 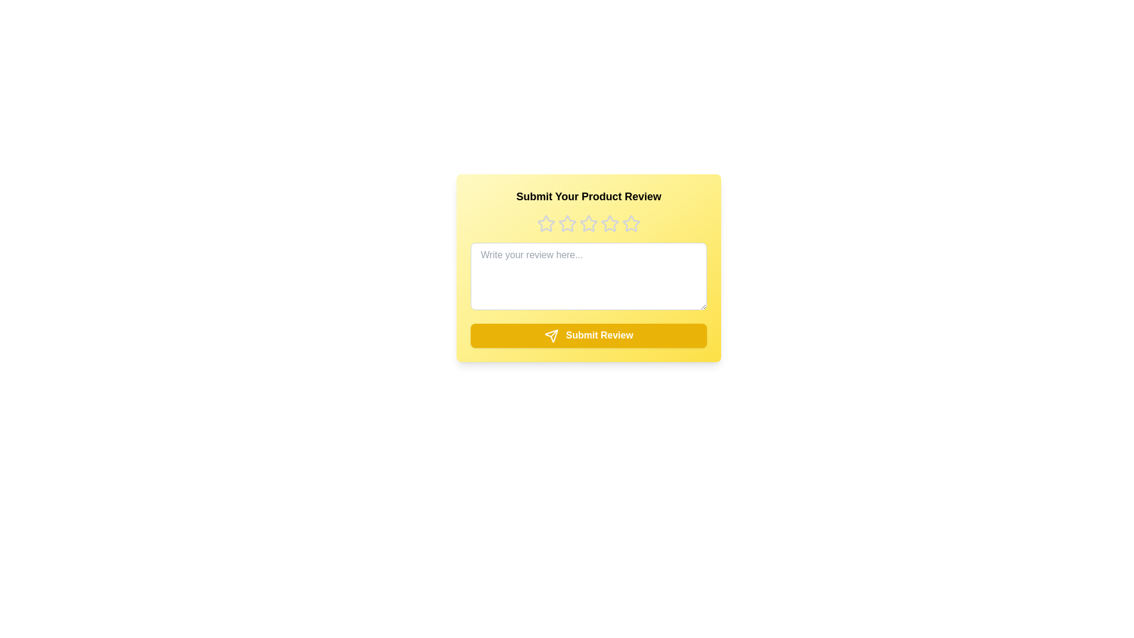 What do you see at coordinates (550, 336) in the screenshot?
I see `the triangular-shaped icon that is part of the arrow-like icon located right before the 'Submit Review' button in the yellow action area` at bounding box center [550, 336].